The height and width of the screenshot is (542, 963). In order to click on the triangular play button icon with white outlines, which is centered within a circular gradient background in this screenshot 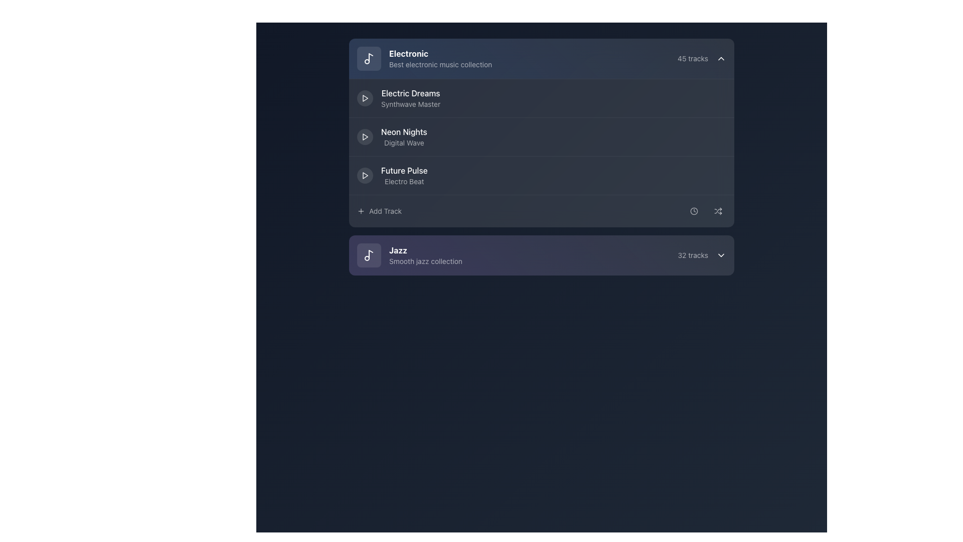, I will do `click(365, 98)`.